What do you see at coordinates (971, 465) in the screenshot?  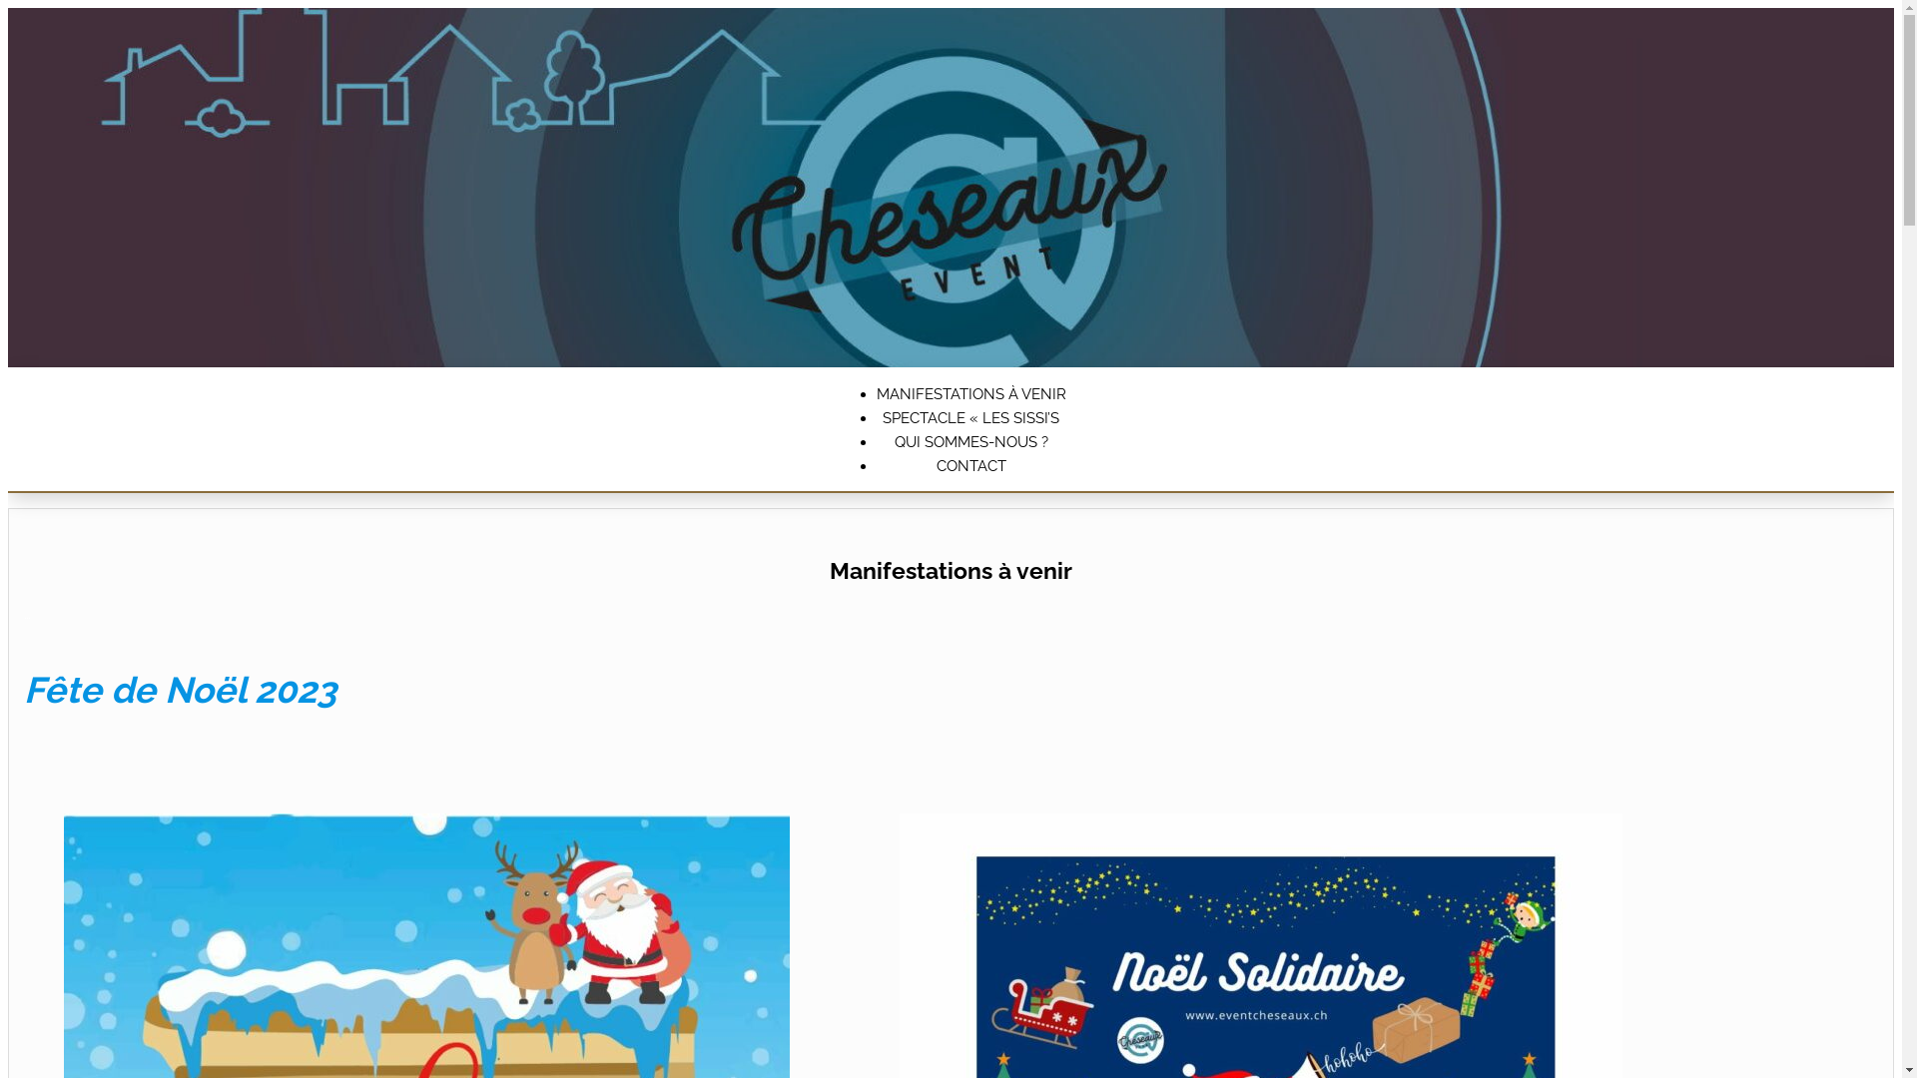 I see `'CONTACT'` at bounding box center [971, 465].